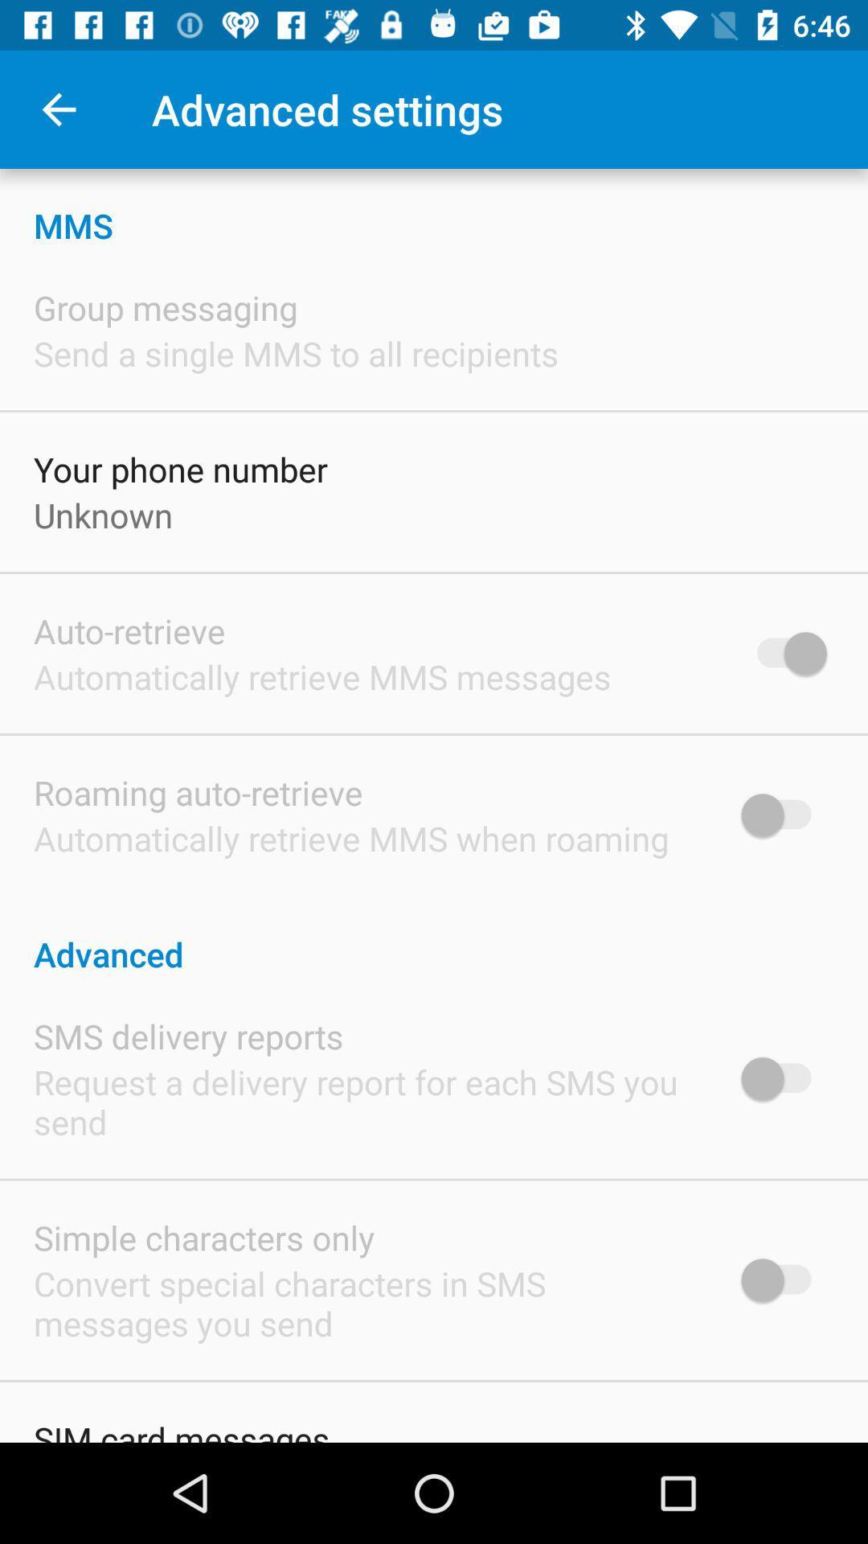 This screenshot has width=868, height=1544. What do you see at coordinates (180, 468) in the screenshot?
I see `the icon above the unknown icon` at bounding box center [180, 468].